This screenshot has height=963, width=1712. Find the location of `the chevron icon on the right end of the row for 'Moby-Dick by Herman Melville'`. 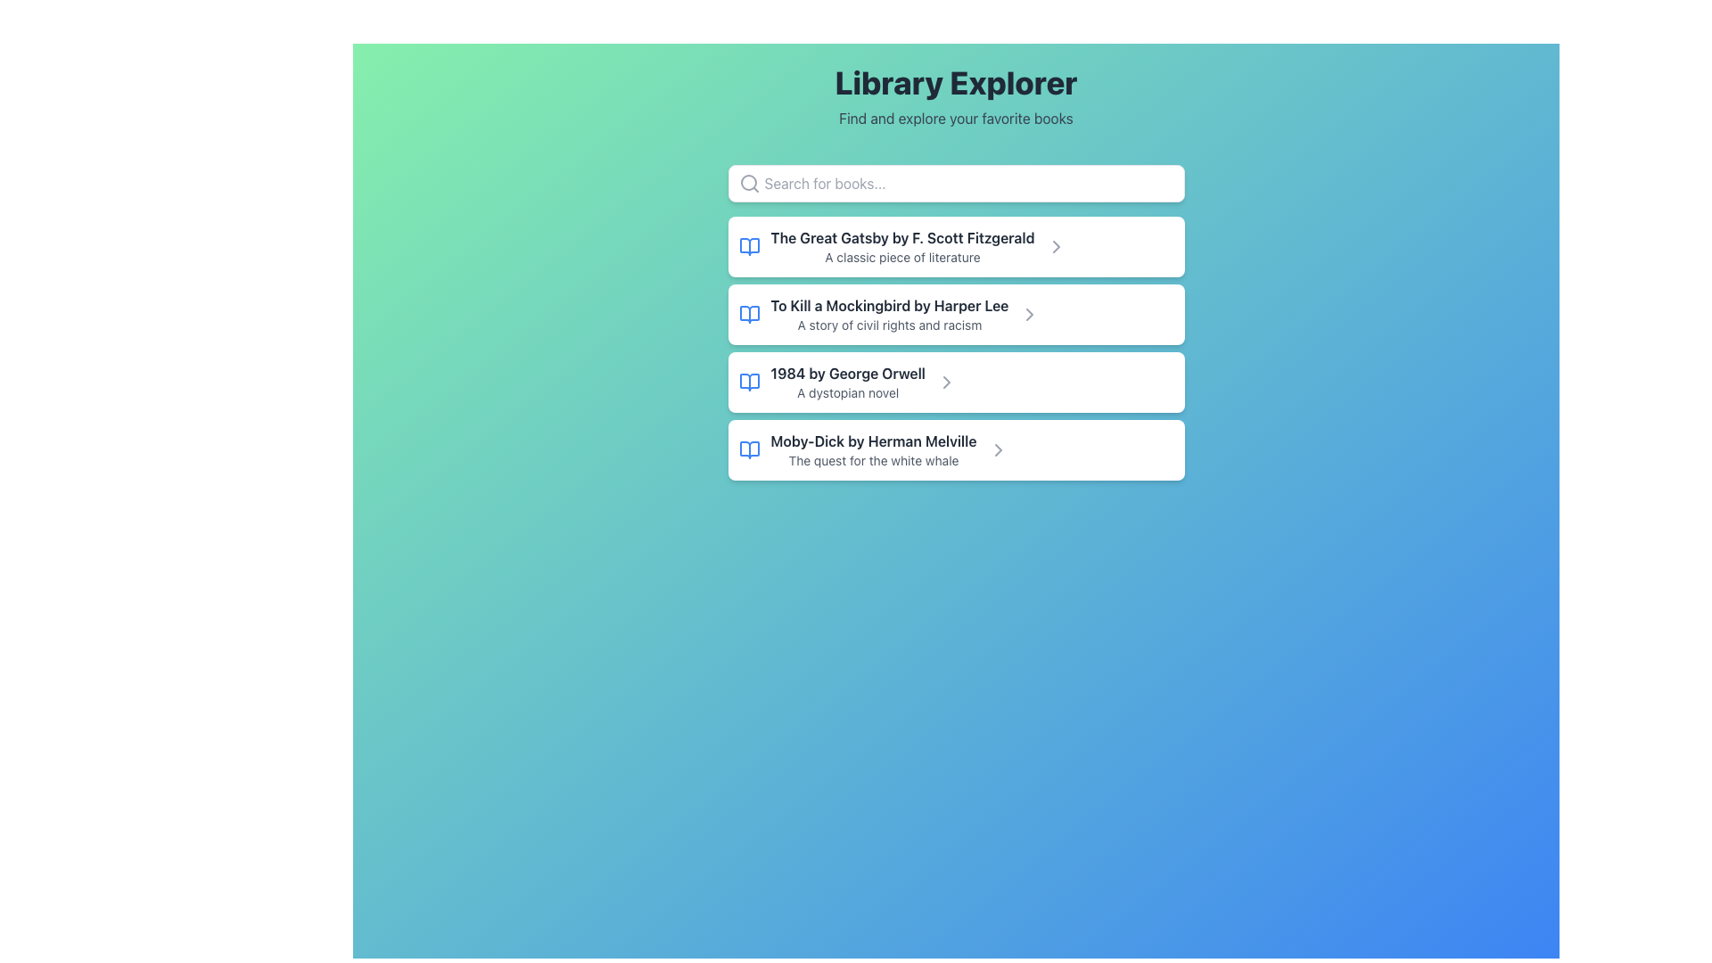

the chevron icon on the right end of the row for 'Moby-Dick by Herman Melville' is located at coordinates (997, 449).